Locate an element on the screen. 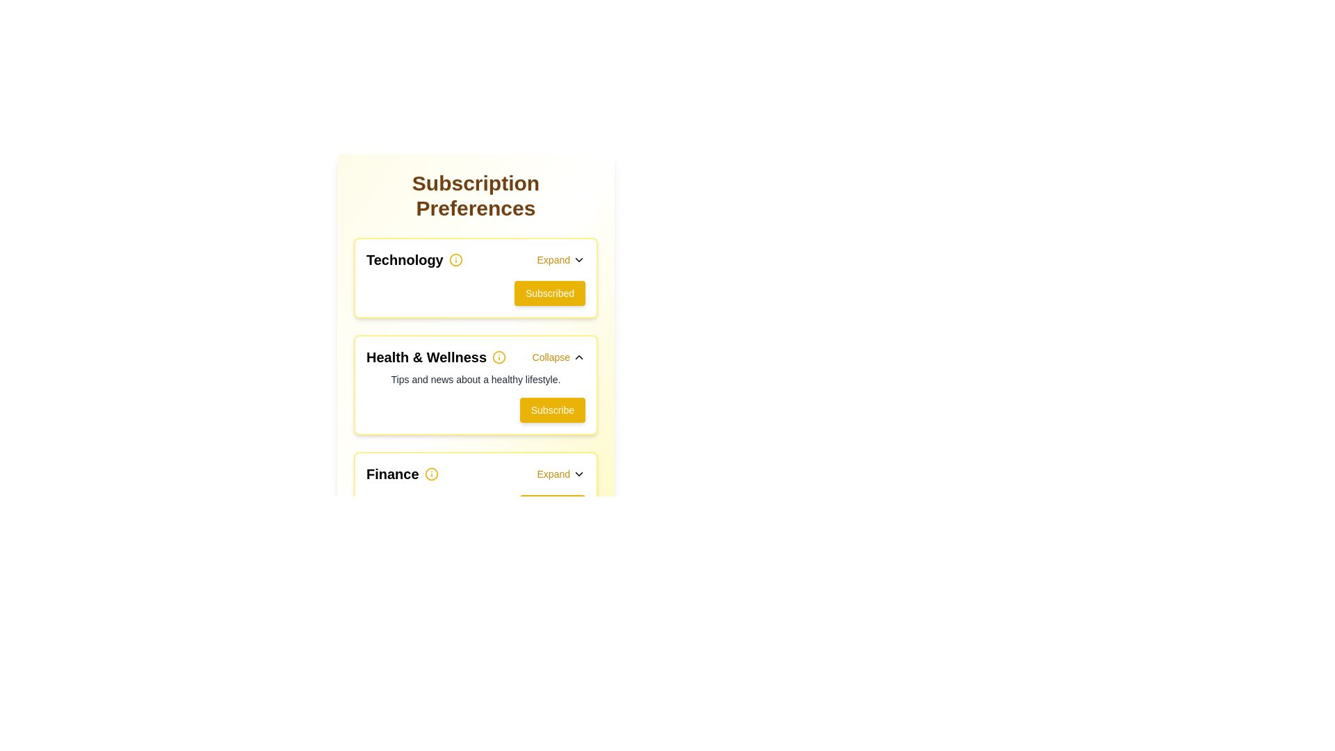 The width and height of the screenshot is (1335, 751). the subscription status toggle button located in the upper section under the 'Technology' section is located at coordinates (549, 292).